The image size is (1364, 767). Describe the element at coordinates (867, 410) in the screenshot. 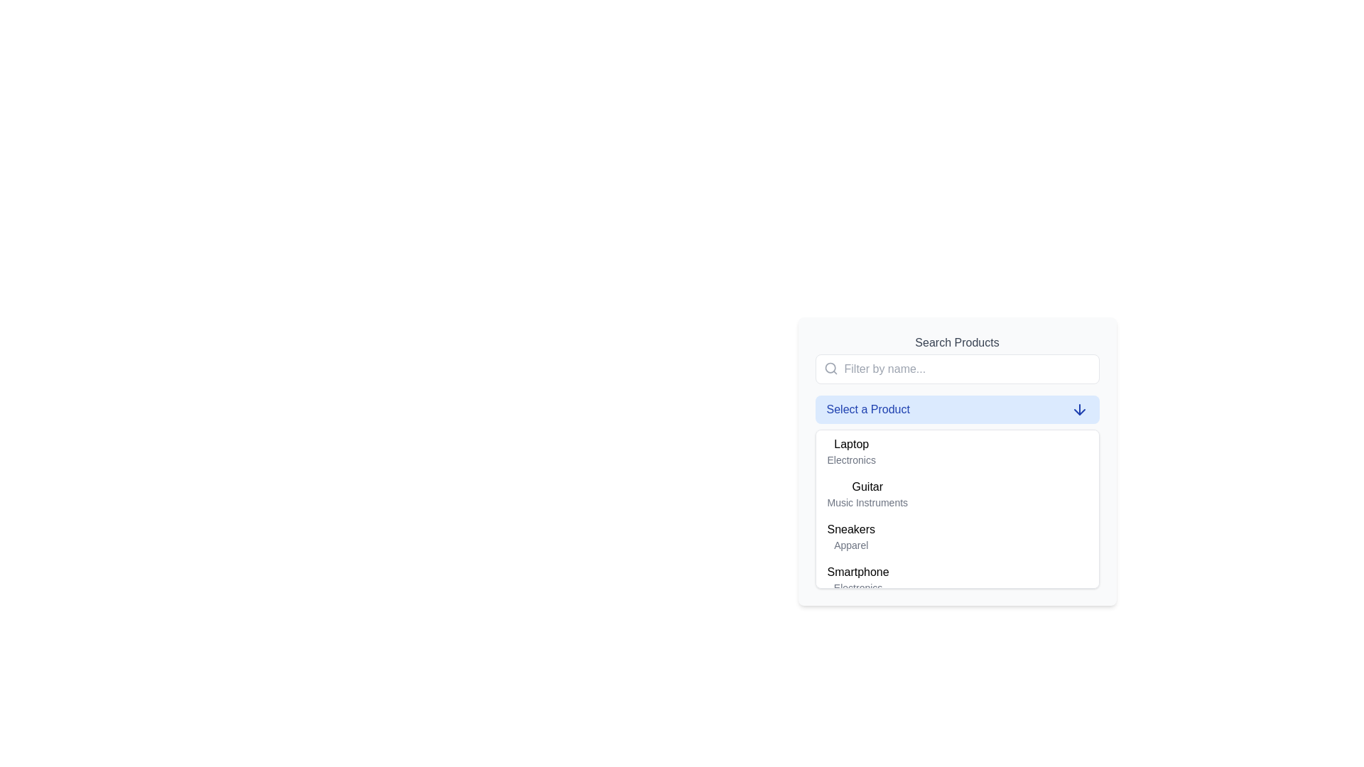

I see `the text label displaying 'Select a Product' in blue text within the dropdown menu` at that location.